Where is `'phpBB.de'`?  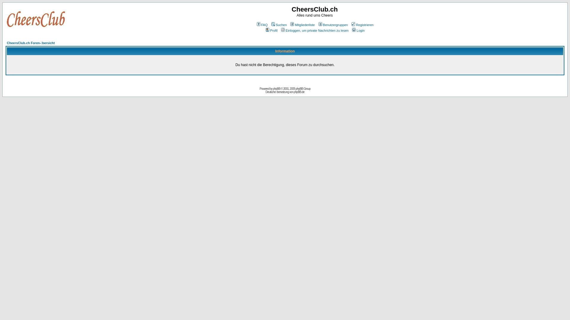
'phpBB.de' is located at coordinates (299, 92).